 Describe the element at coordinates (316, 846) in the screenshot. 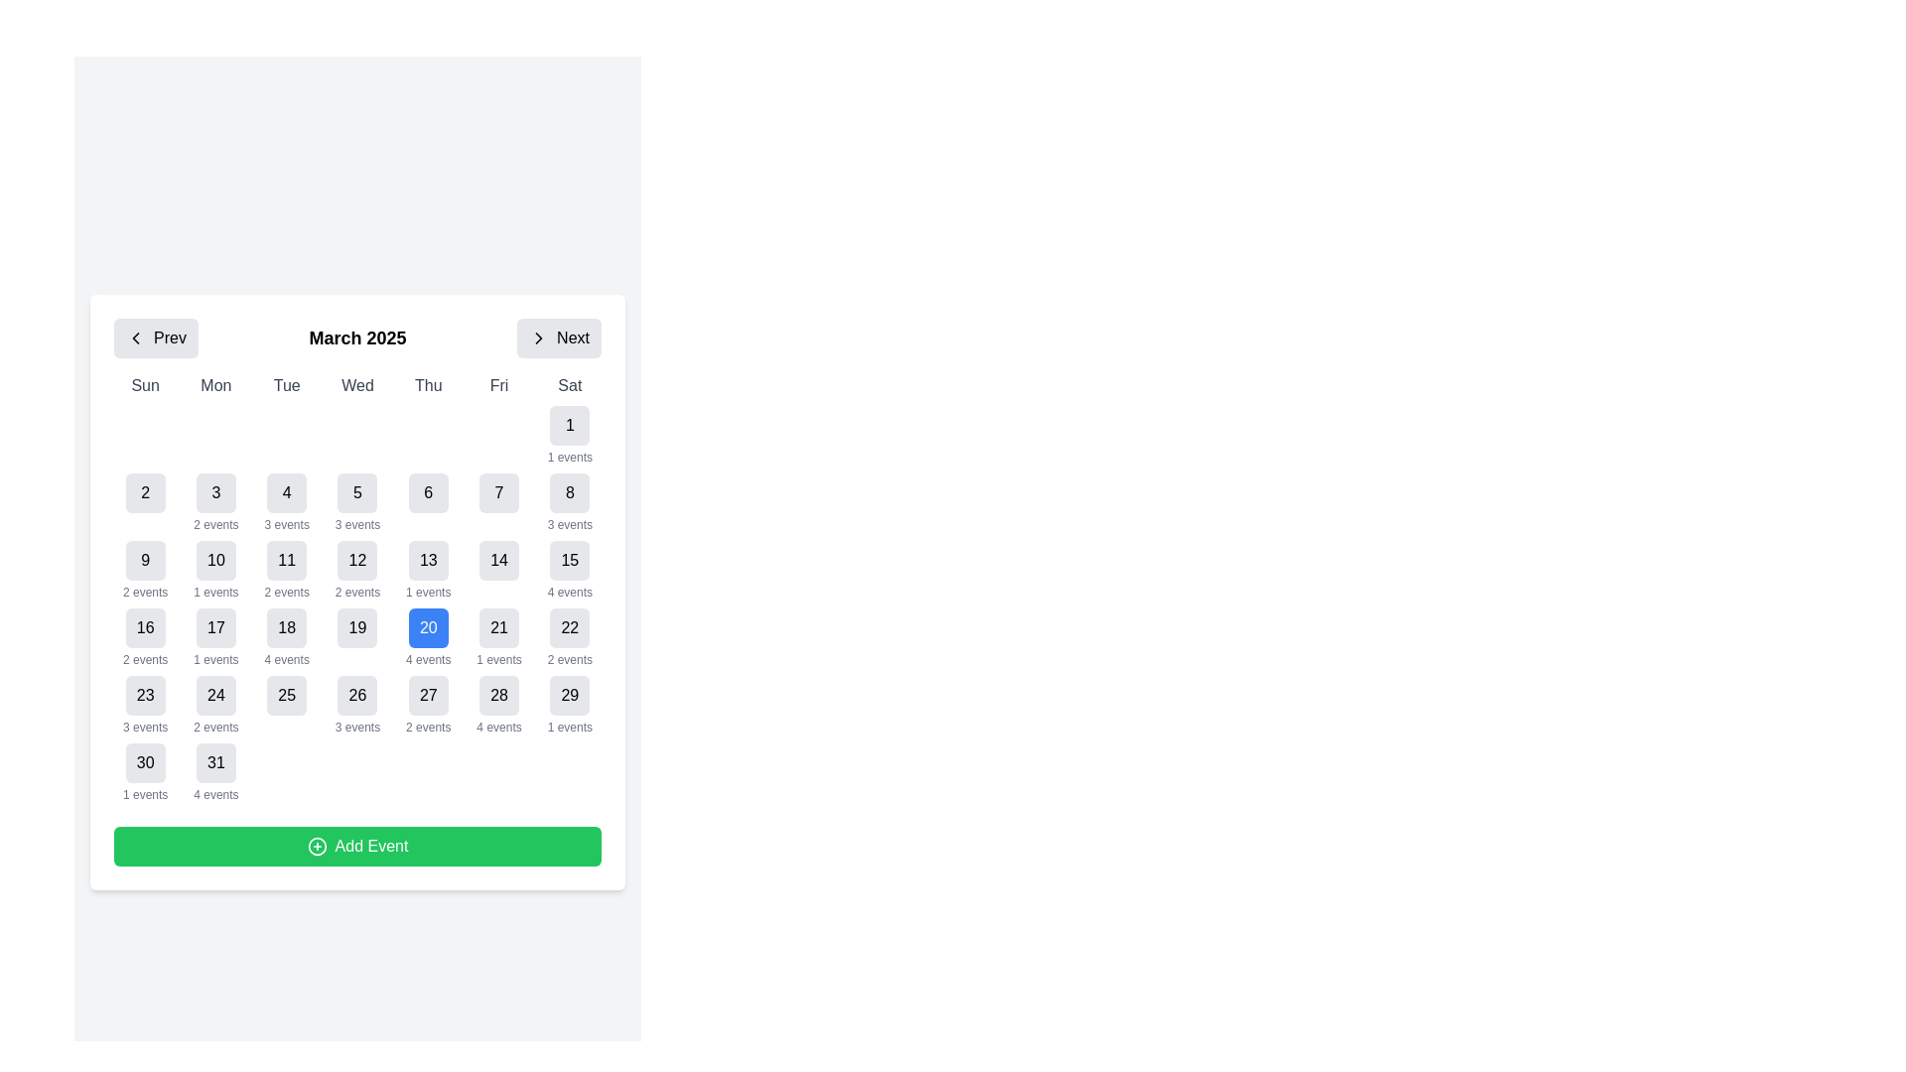

I see `the Circular SVG graphical element that is part of the 'Add Event' button` at that location.